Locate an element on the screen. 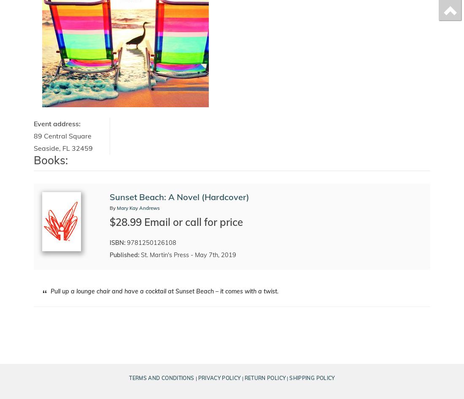  'Event address:' is located at coordinates (33, 124).